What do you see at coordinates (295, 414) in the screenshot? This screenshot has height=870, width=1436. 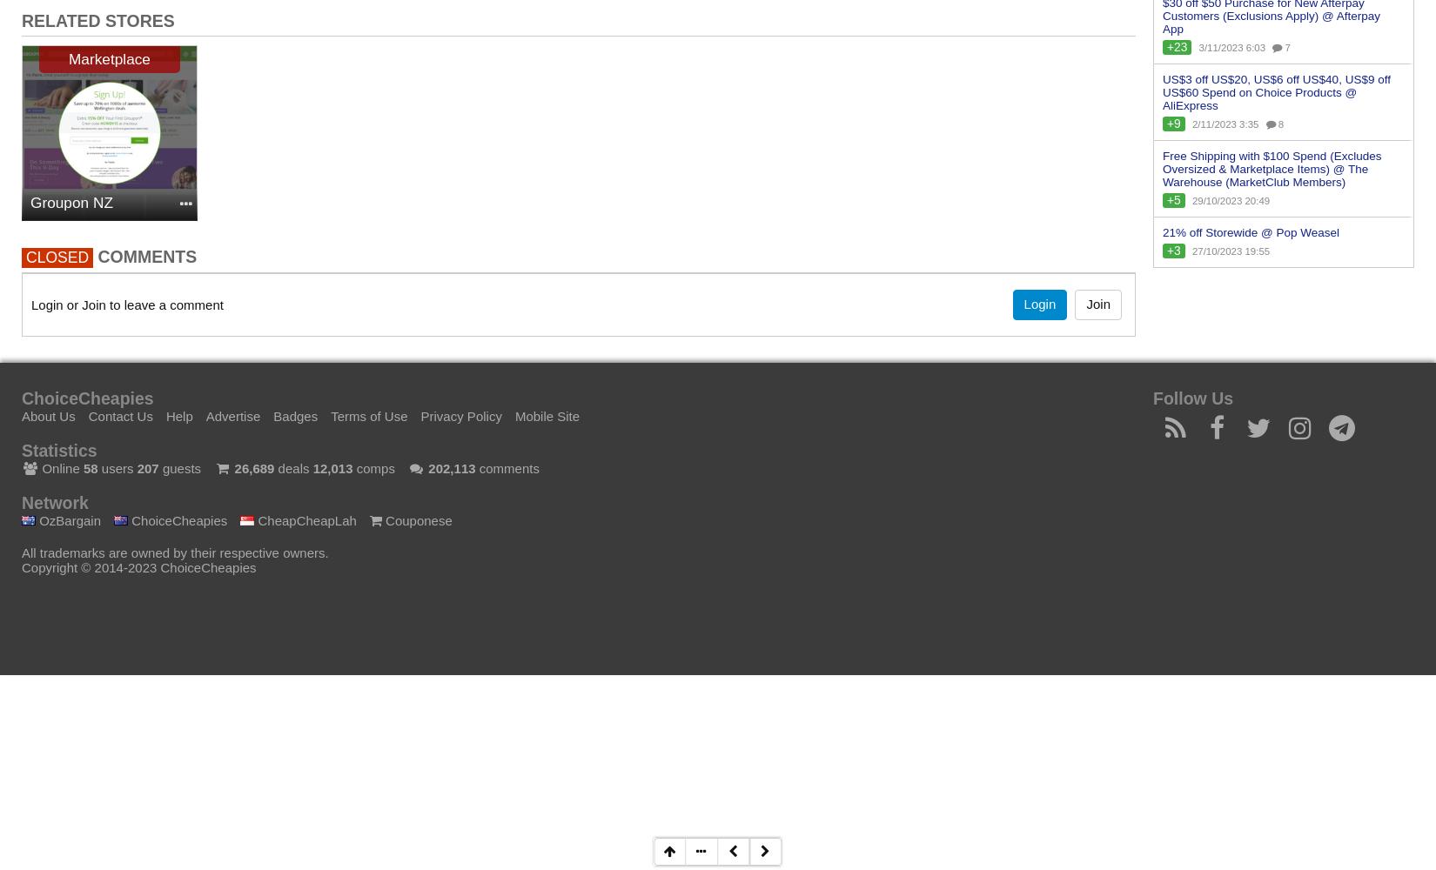 I see `'Badges'` at bounding box center [295, 414].